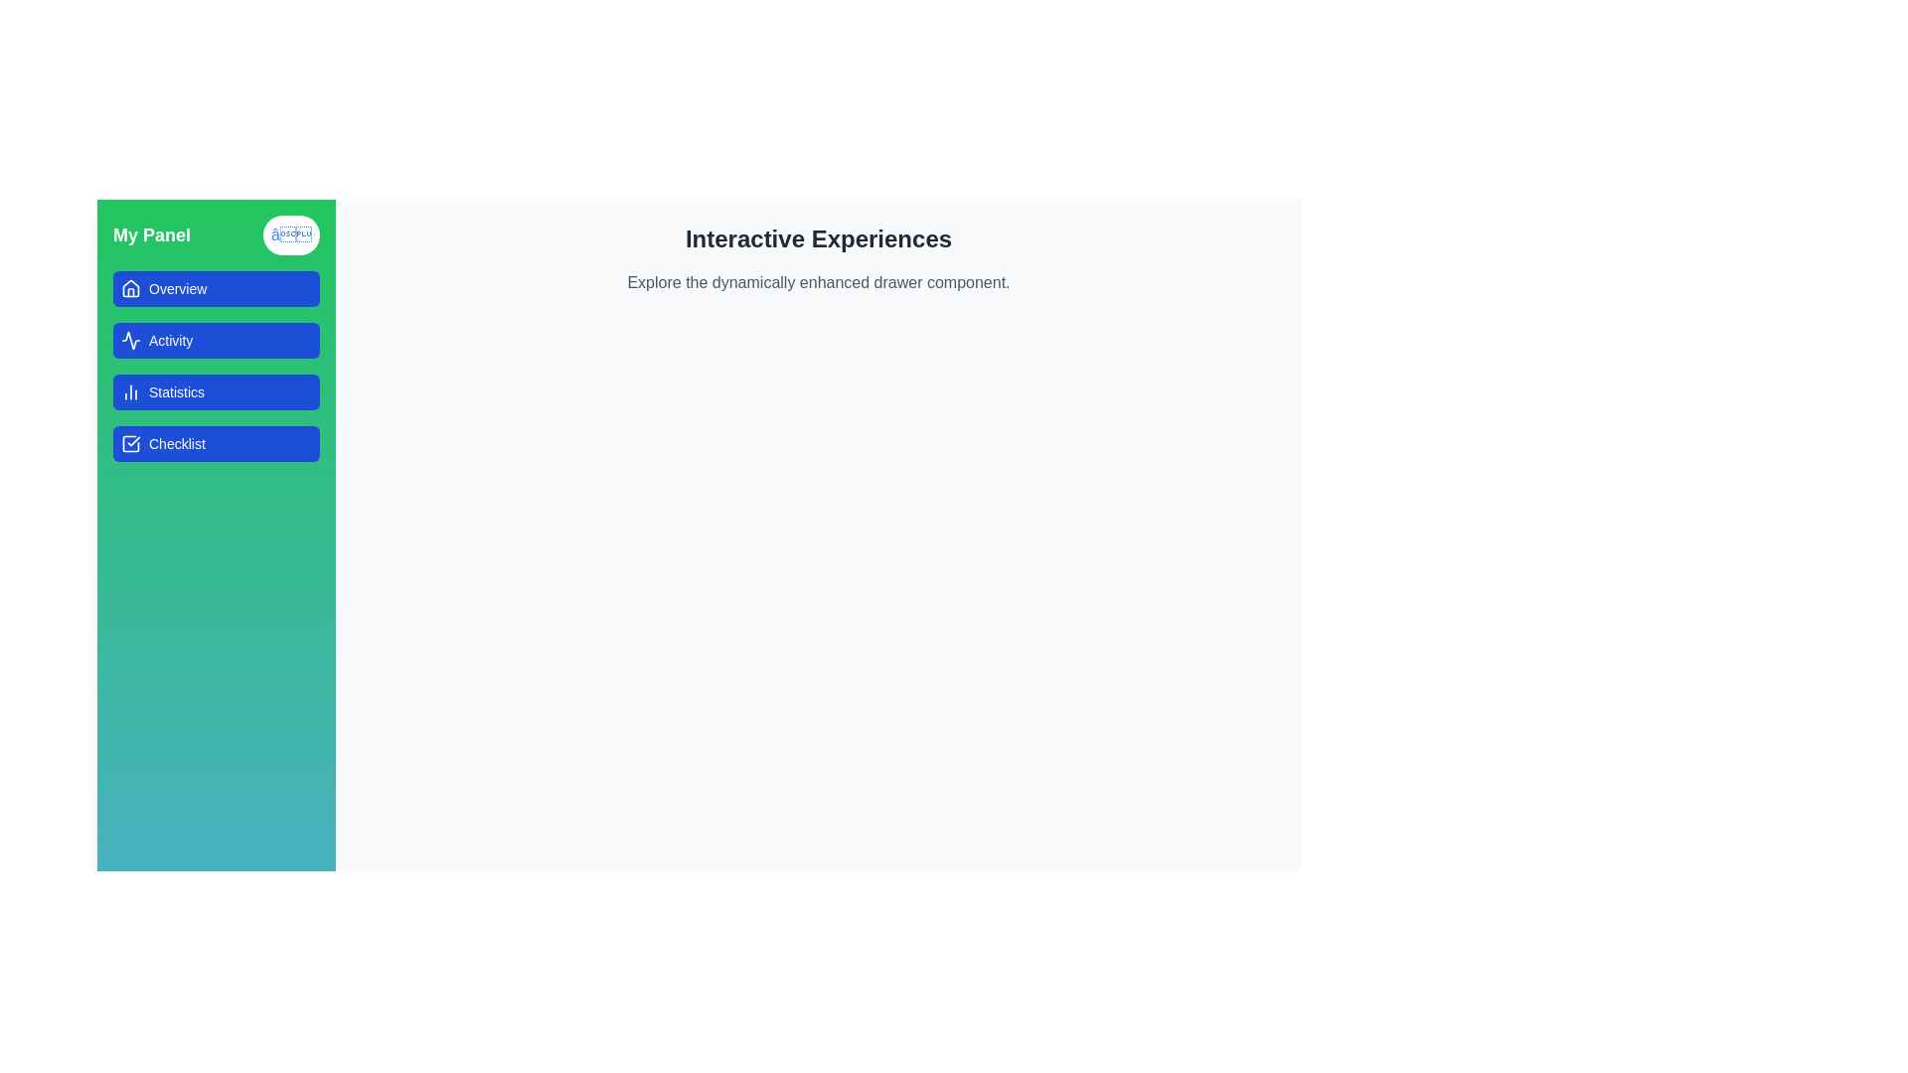 The height and width of the screenshot is (1073, 1908). What do you see at coordinates (216, 288) in the screenshot?
I see `the 'Overview' button in the sidebar menu` at bounding box center [216, 288].